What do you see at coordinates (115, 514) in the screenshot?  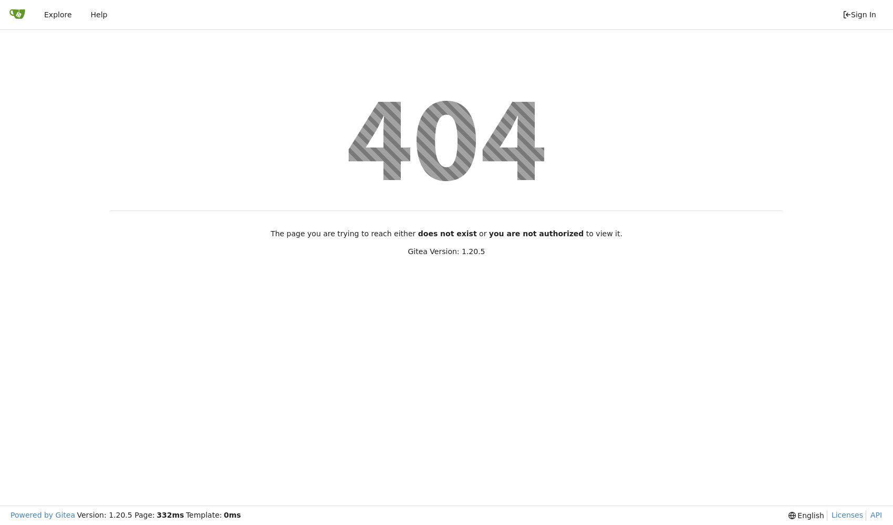 I see `'Version:
			
				1.20.5
			
		
		
			Page:'` at bounding box center [115, 514].